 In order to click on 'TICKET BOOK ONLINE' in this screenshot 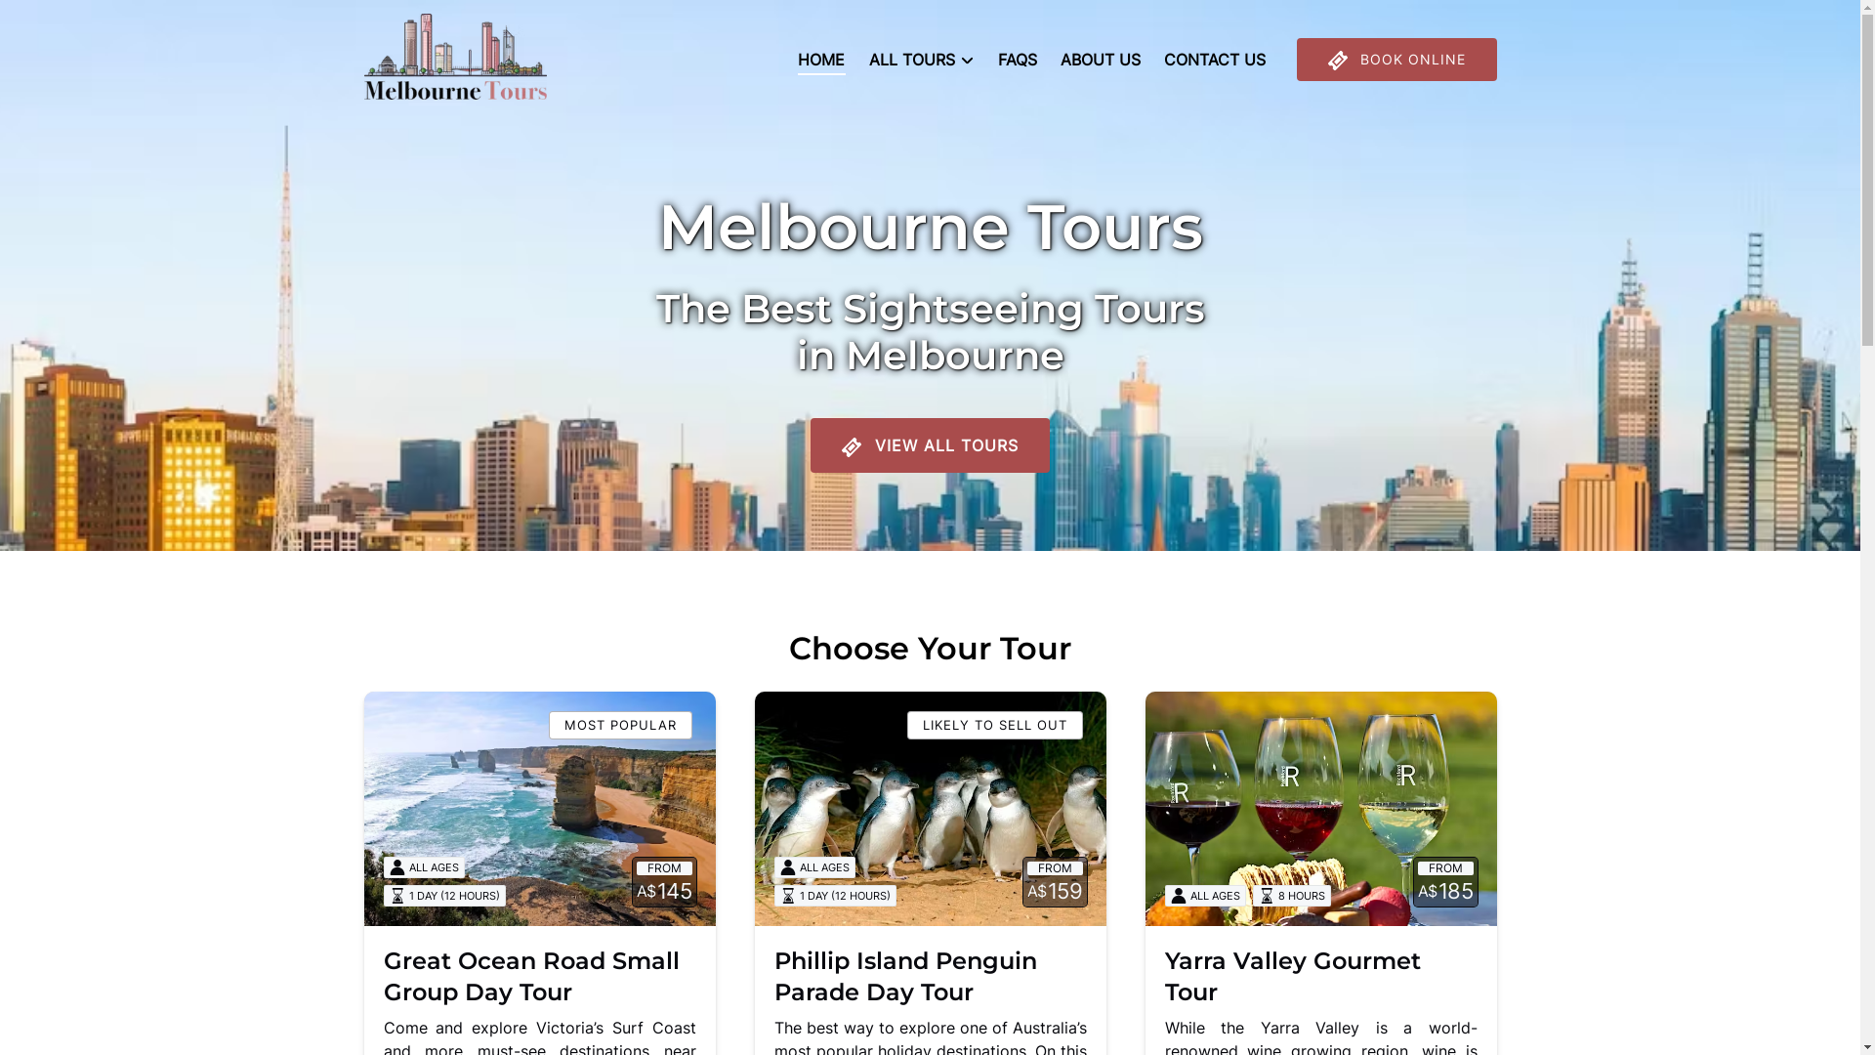, I will do `click(1396, 59)`.